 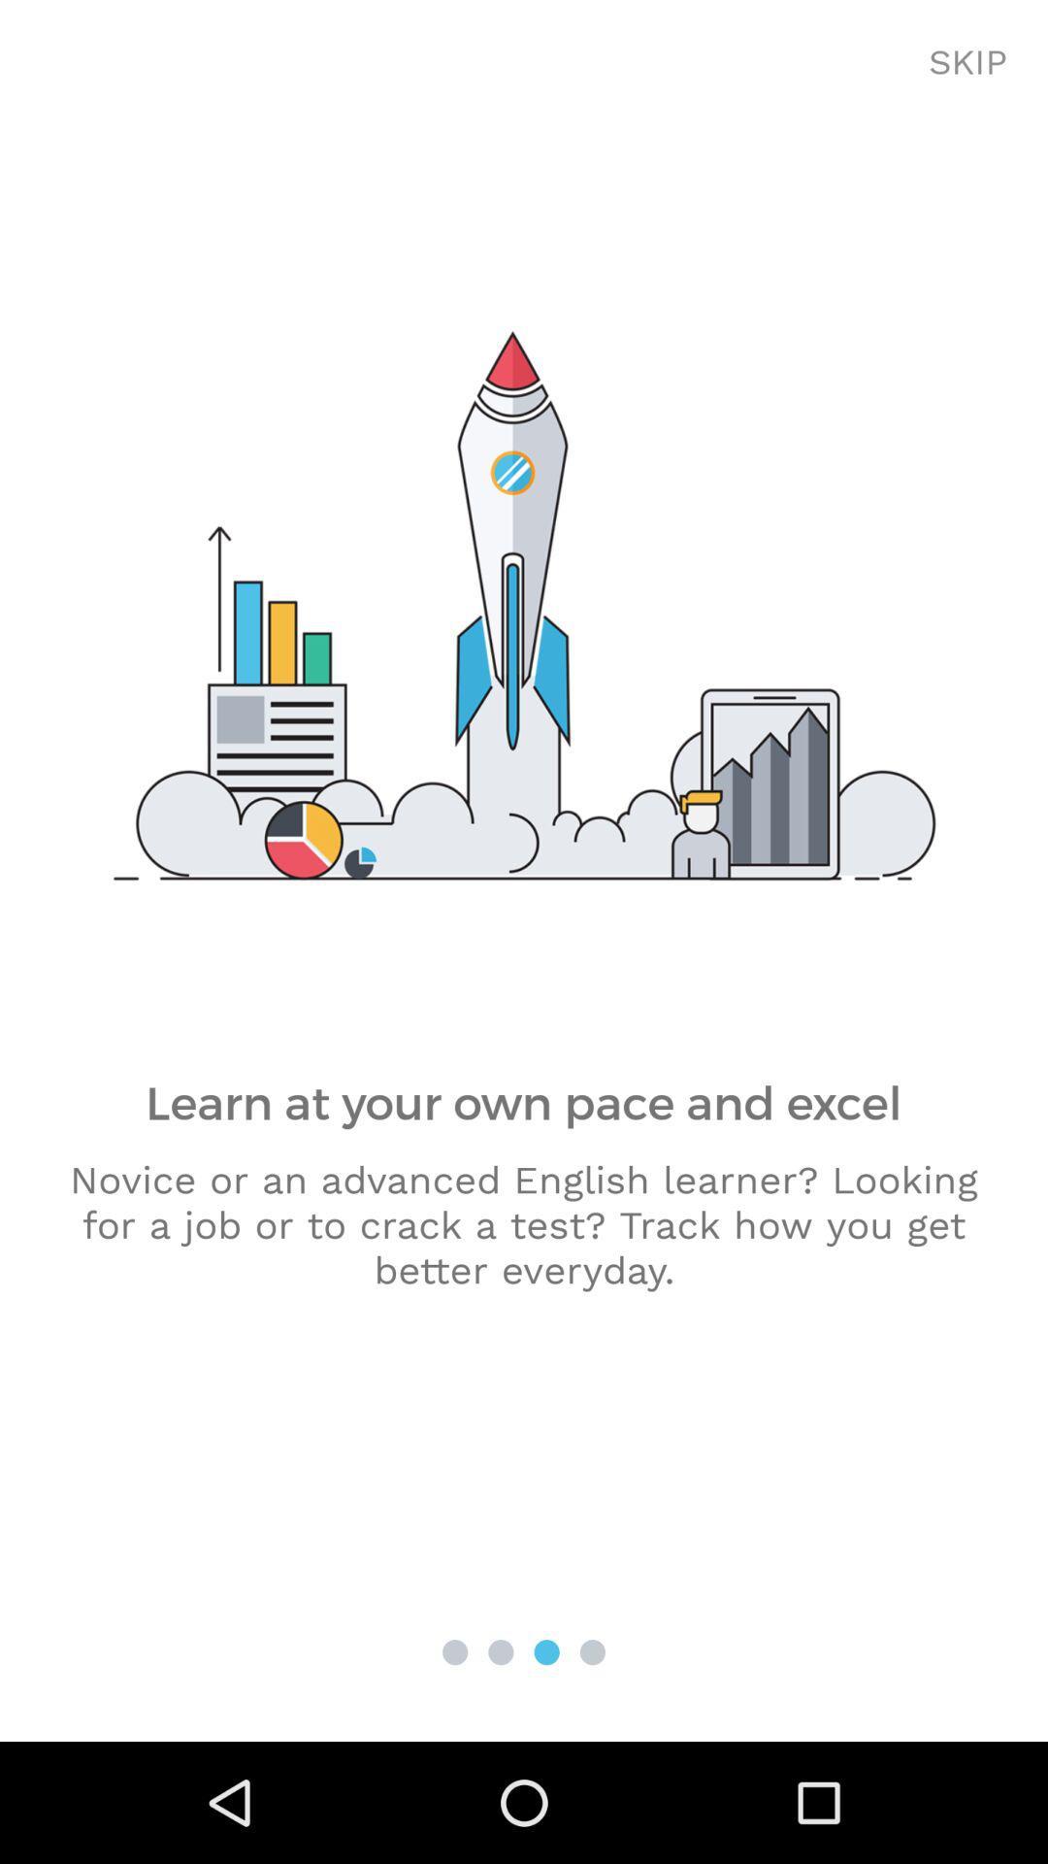 I want to click on the skip, so click(x=967, y=63).